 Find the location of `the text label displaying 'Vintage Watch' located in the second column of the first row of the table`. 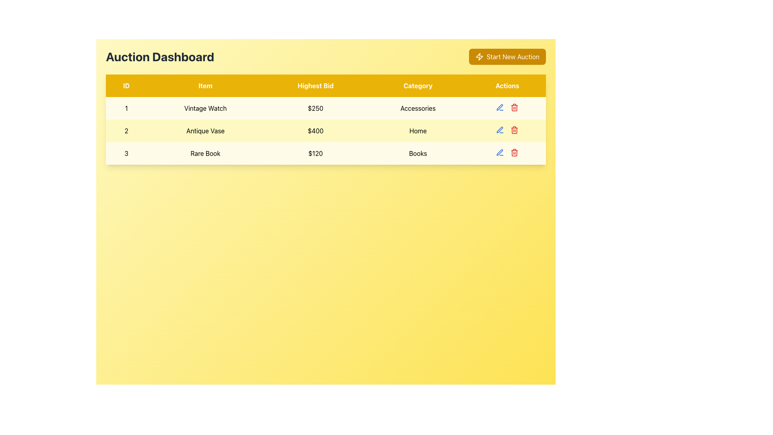

the text label displaying 'Vintage Watch' located in the second column of the first row of the table is located at coordinates (205, 108).